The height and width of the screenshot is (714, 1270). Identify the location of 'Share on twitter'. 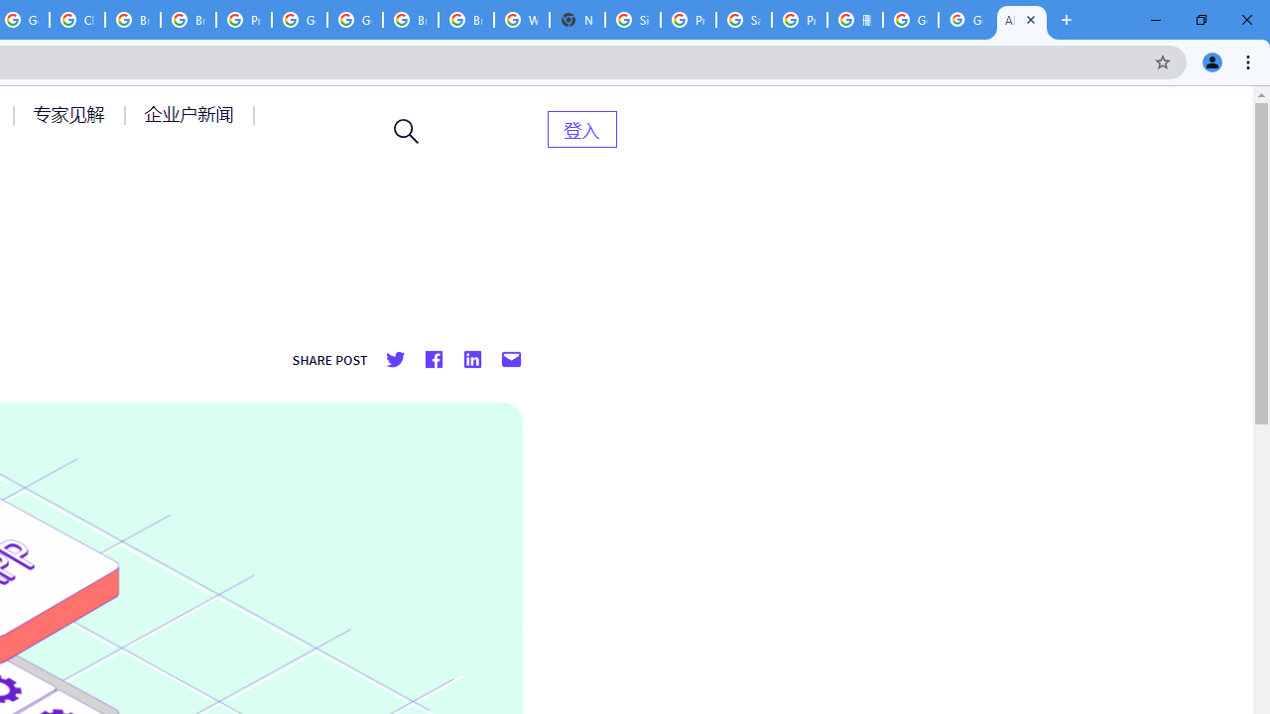
(395, 360).